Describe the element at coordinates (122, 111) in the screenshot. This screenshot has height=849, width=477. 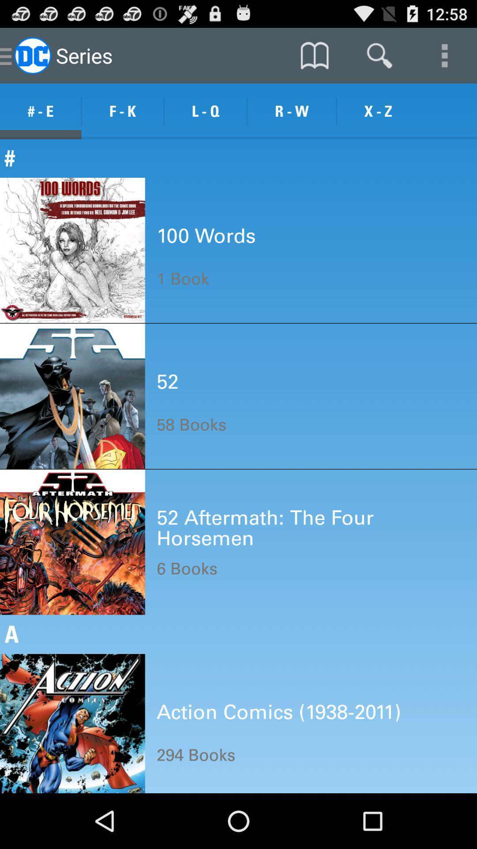
I see `app below the series icon` at that location.